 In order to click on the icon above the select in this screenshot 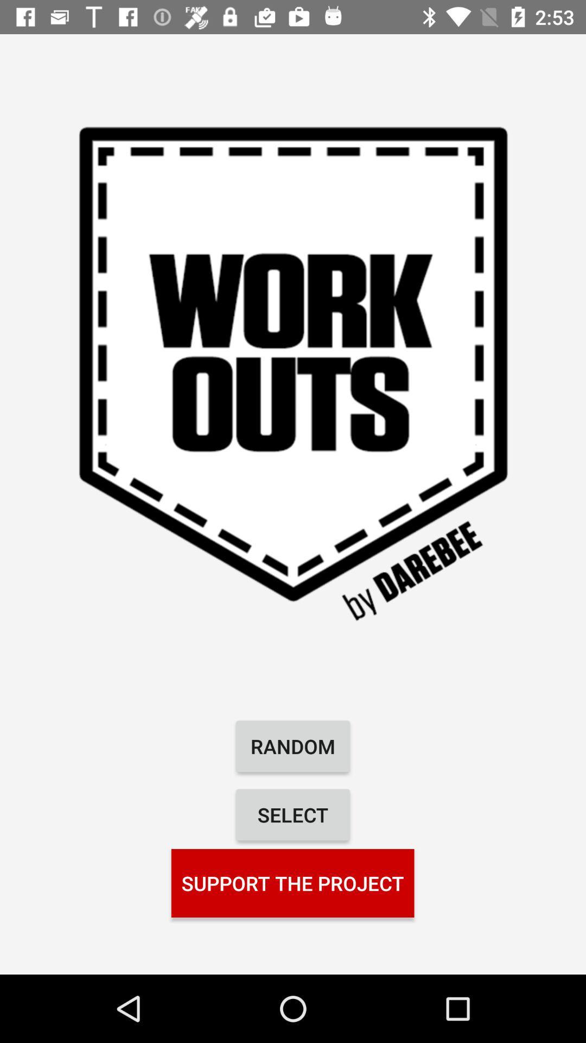, I will do `click(293, 745)`.